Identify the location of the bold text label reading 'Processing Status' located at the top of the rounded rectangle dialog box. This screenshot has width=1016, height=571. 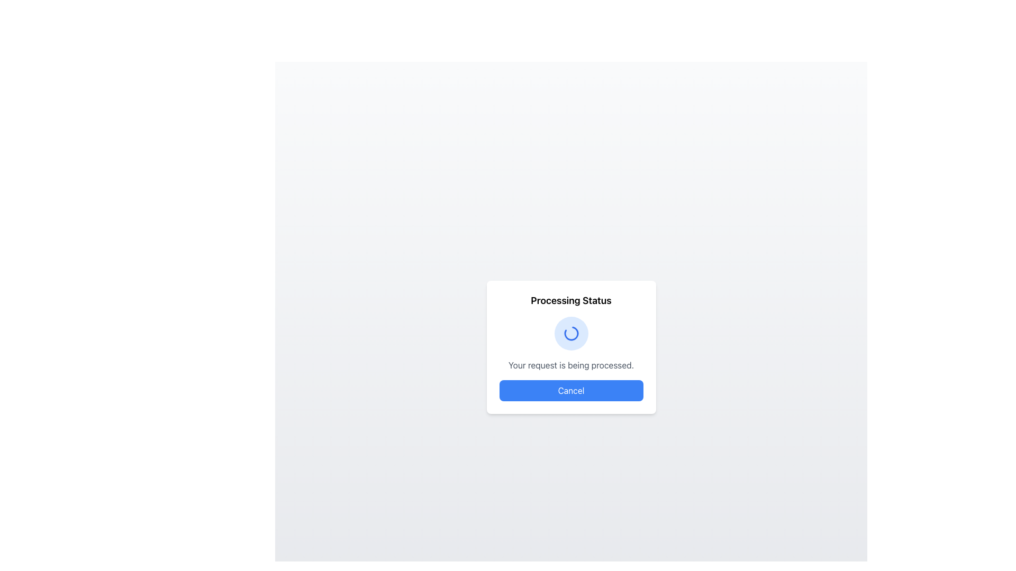
(570, 301).